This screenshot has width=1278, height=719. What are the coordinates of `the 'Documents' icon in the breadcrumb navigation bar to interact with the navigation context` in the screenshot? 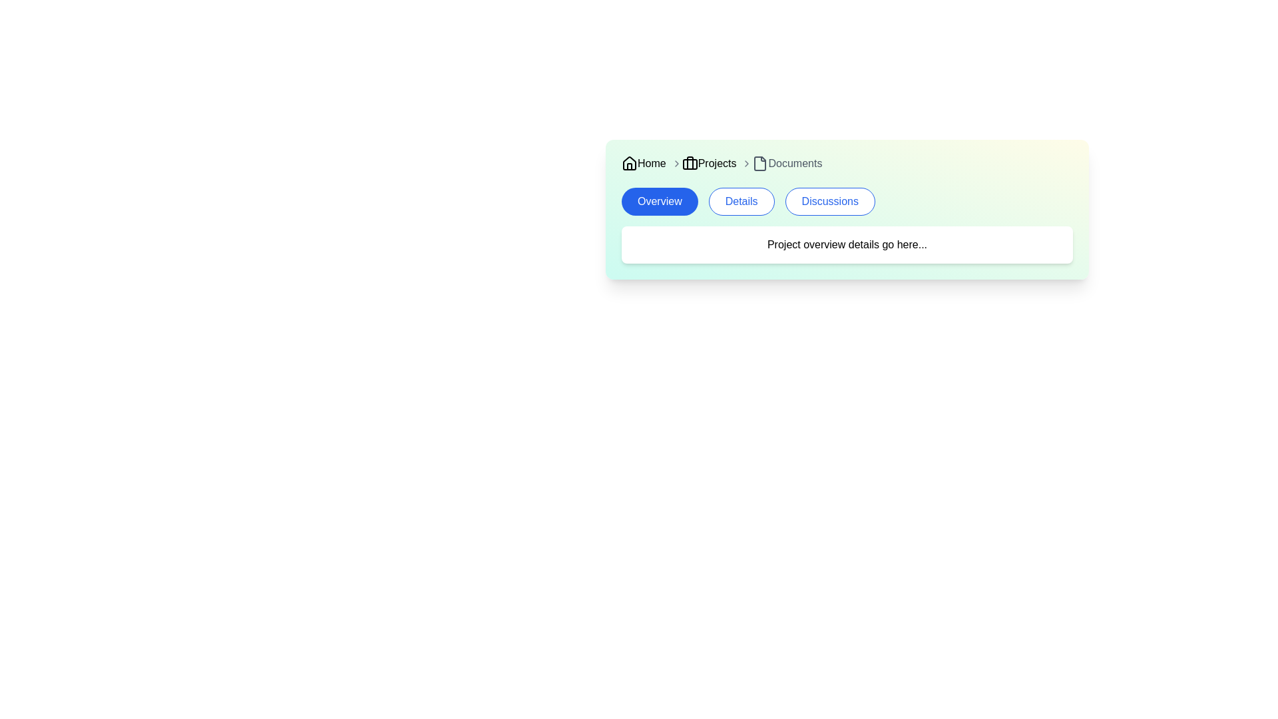 It's located at (760, 163).